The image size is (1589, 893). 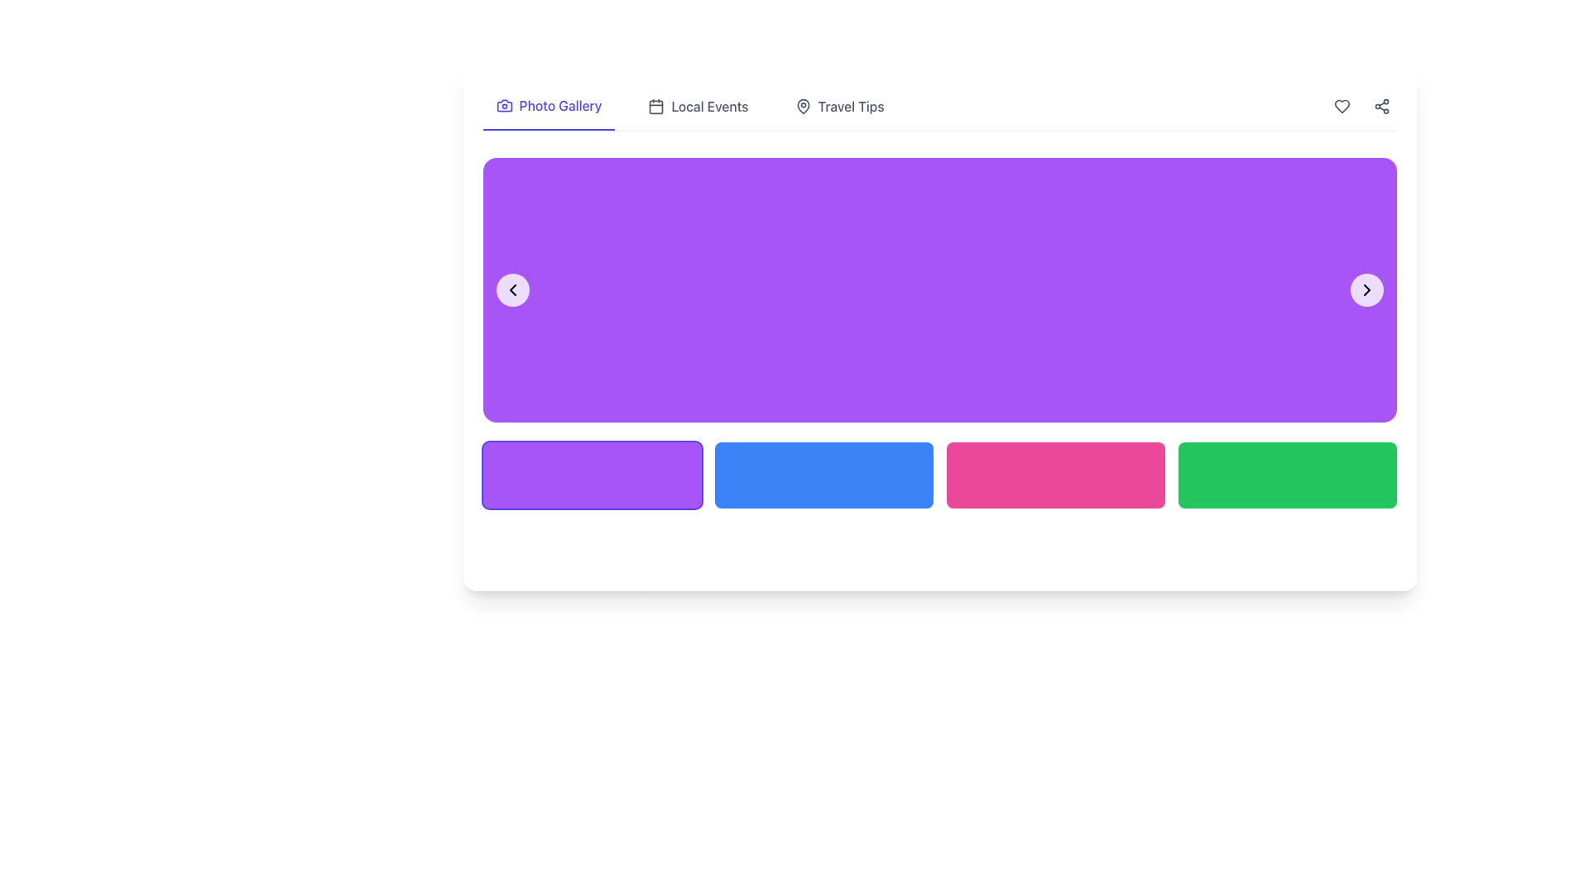 What do you see at coordinates (503, 105) in the screenshot?
I see `the 'Photo Gallery' icon located to the left of the 'Photo Gallery' text in the header section` at bounding box center [503, 105].